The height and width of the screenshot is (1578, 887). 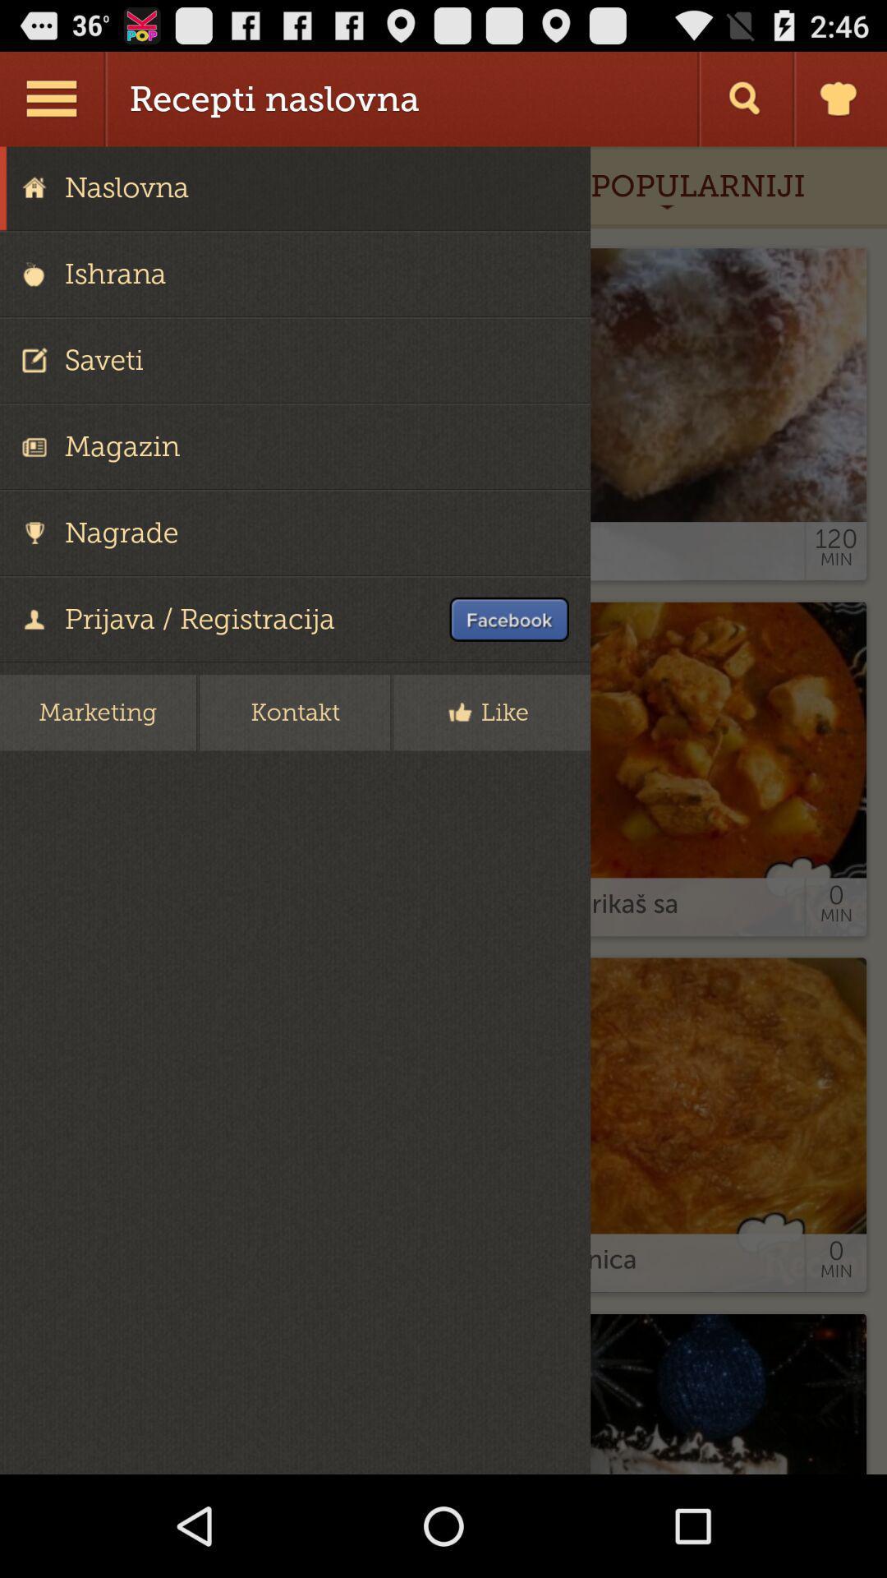 What do you see at coordinates (443, 810) in the screenshot?
I see `display field` at bounding box center [443, 810].